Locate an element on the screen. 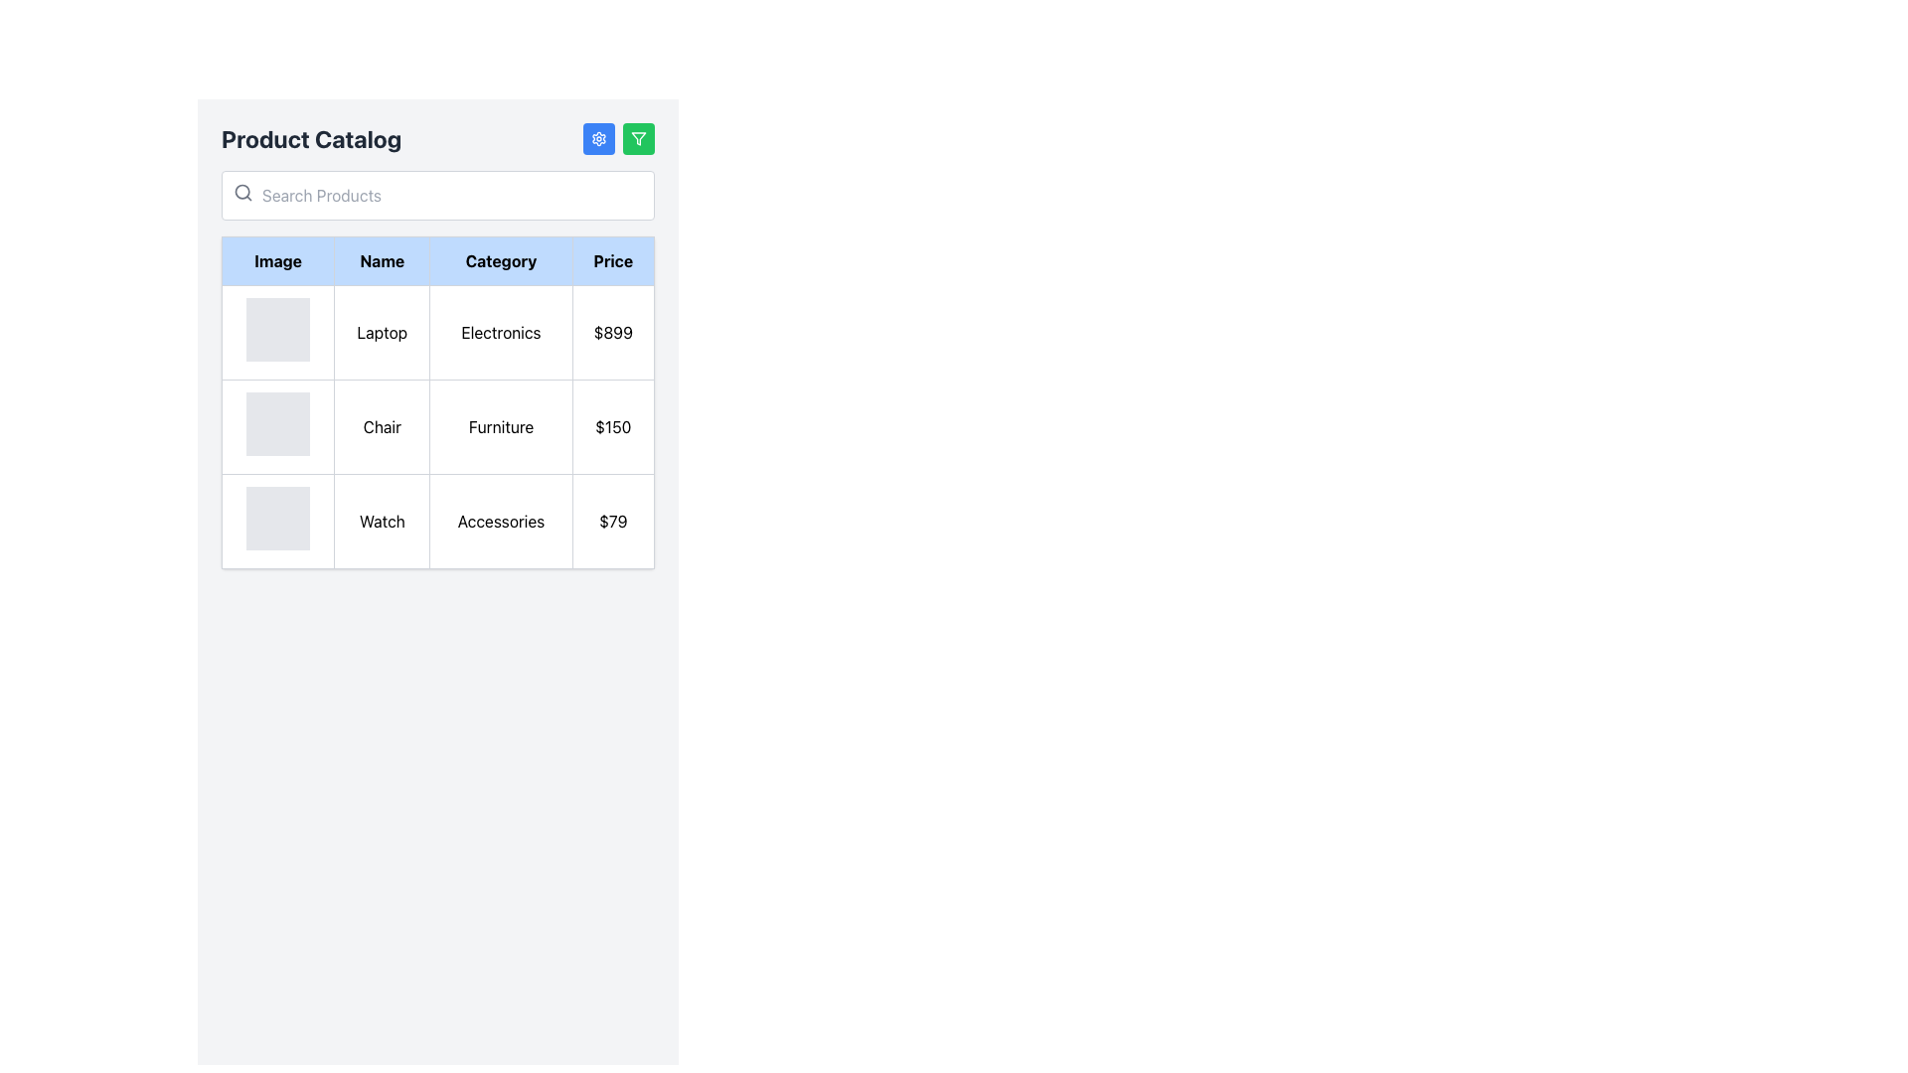 This screenshot has height=1073, width=1908. the settings by focusing on the gear-shaped icon with a white outline and blue circular background, located in the top-right corner of the interface is located at coordinates (598, 137).